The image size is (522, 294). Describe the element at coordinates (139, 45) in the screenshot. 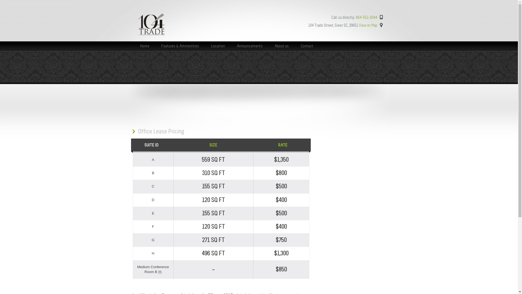

I see `'Home'` at that location.